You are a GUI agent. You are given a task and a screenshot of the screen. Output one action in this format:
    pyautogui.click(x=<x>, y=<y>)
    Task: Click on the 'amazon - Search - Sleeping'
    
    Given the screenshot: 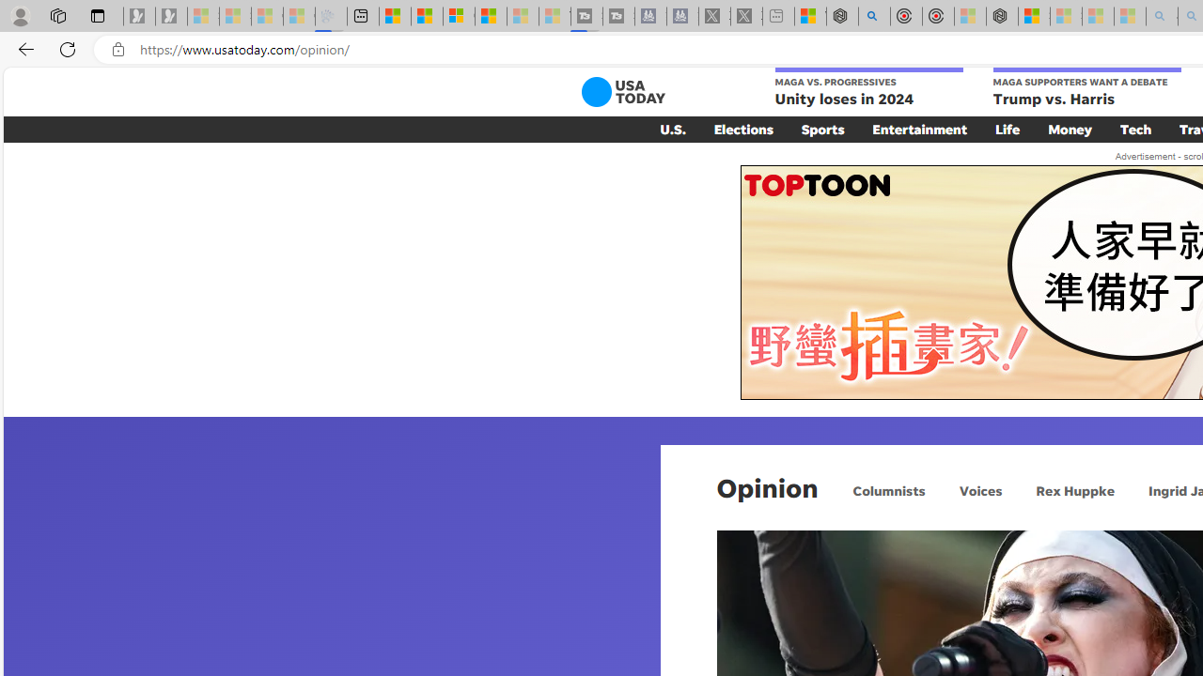 What is the action you would take?
    pyautogui.click(x=1161, y=16)
    